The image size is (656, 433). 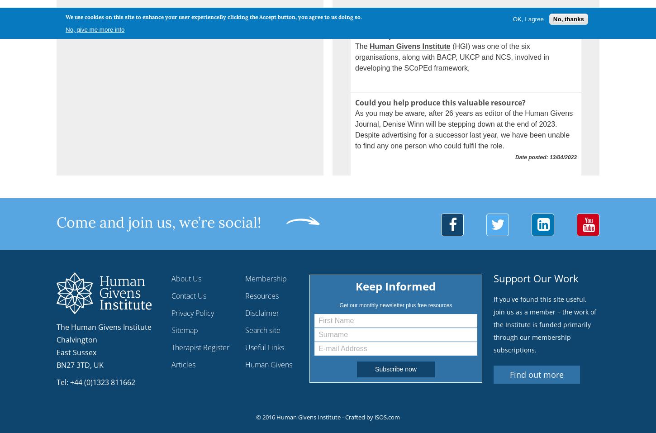 What do you see at coordinates (386, 417) in the screenshot?
I see `'iSOS.com'` at bounding box center [386, 417].